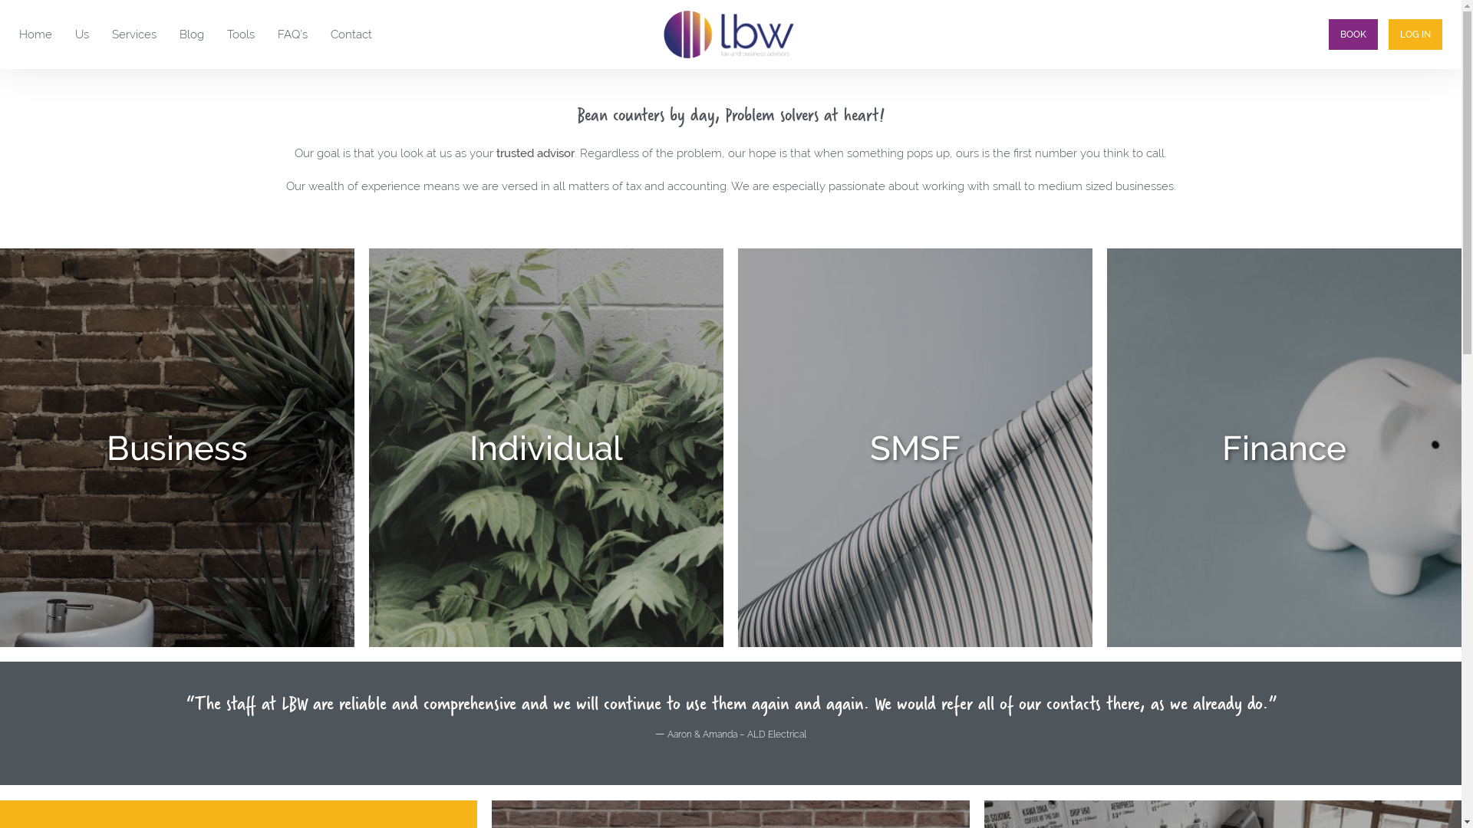  What do you see at coordinates (1353, 34) in the screenshot?
I see `'BOOK'` at bounding box center [1353, 34].